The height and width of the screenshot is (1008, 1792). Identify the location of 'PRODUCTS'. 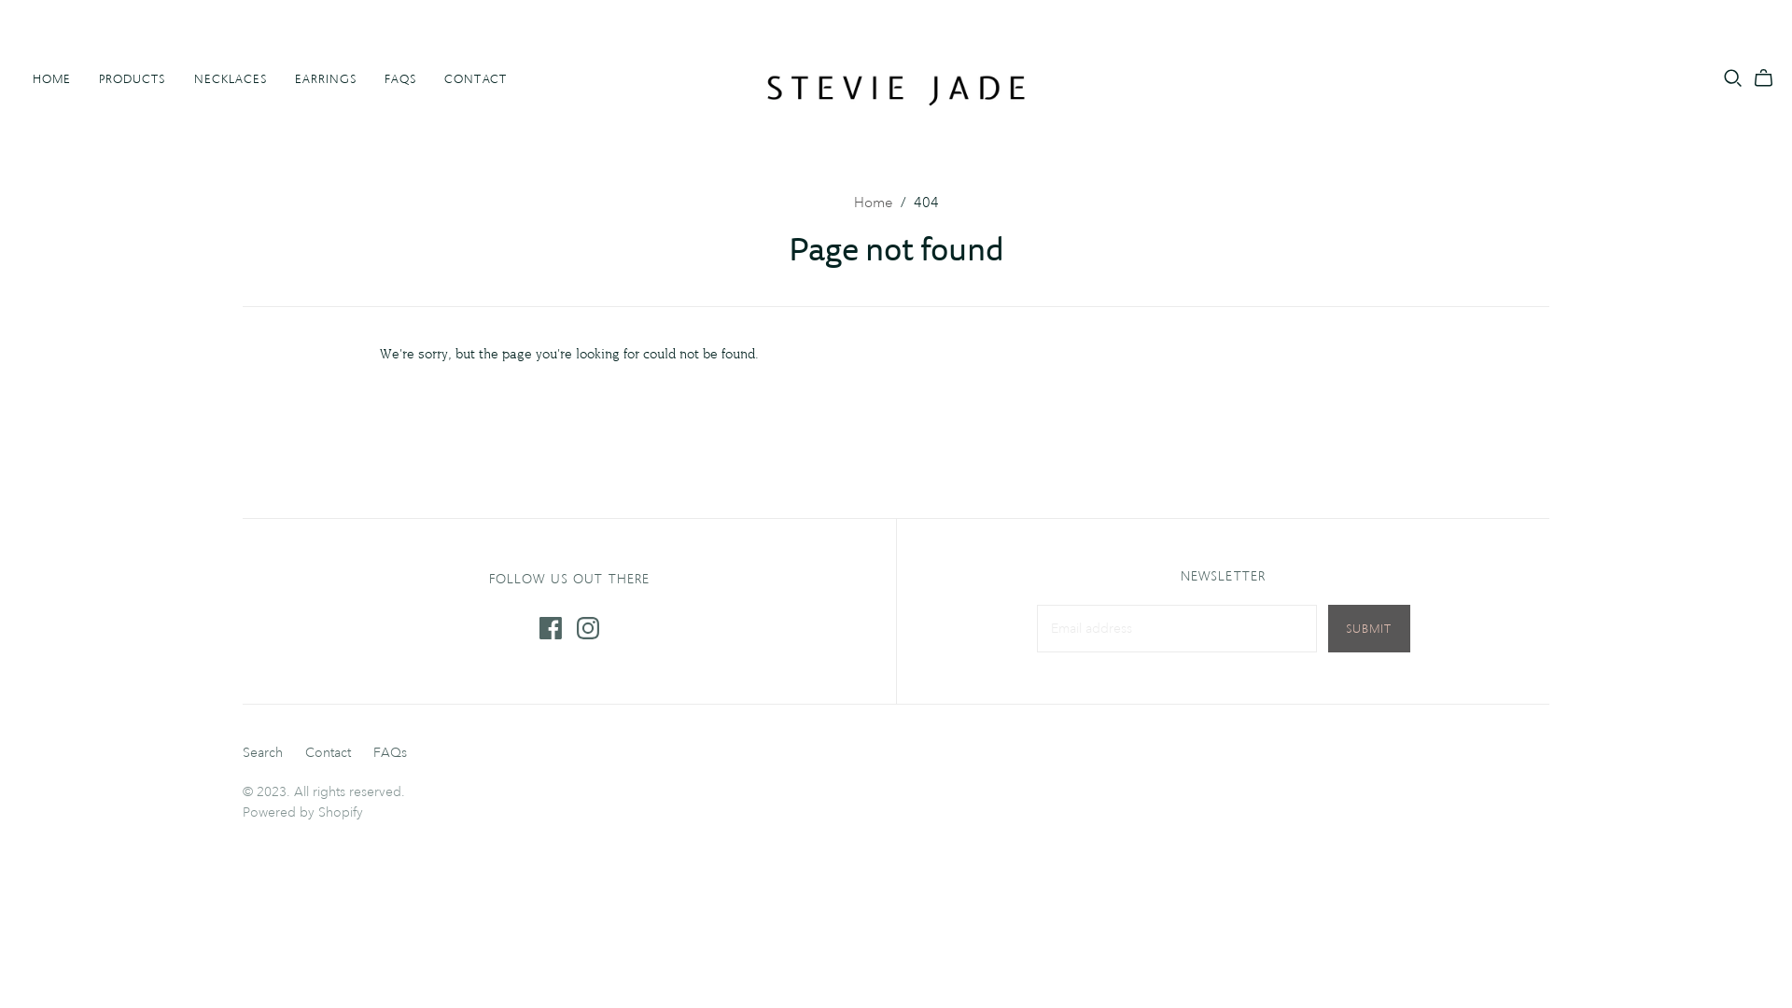
(131, 77).